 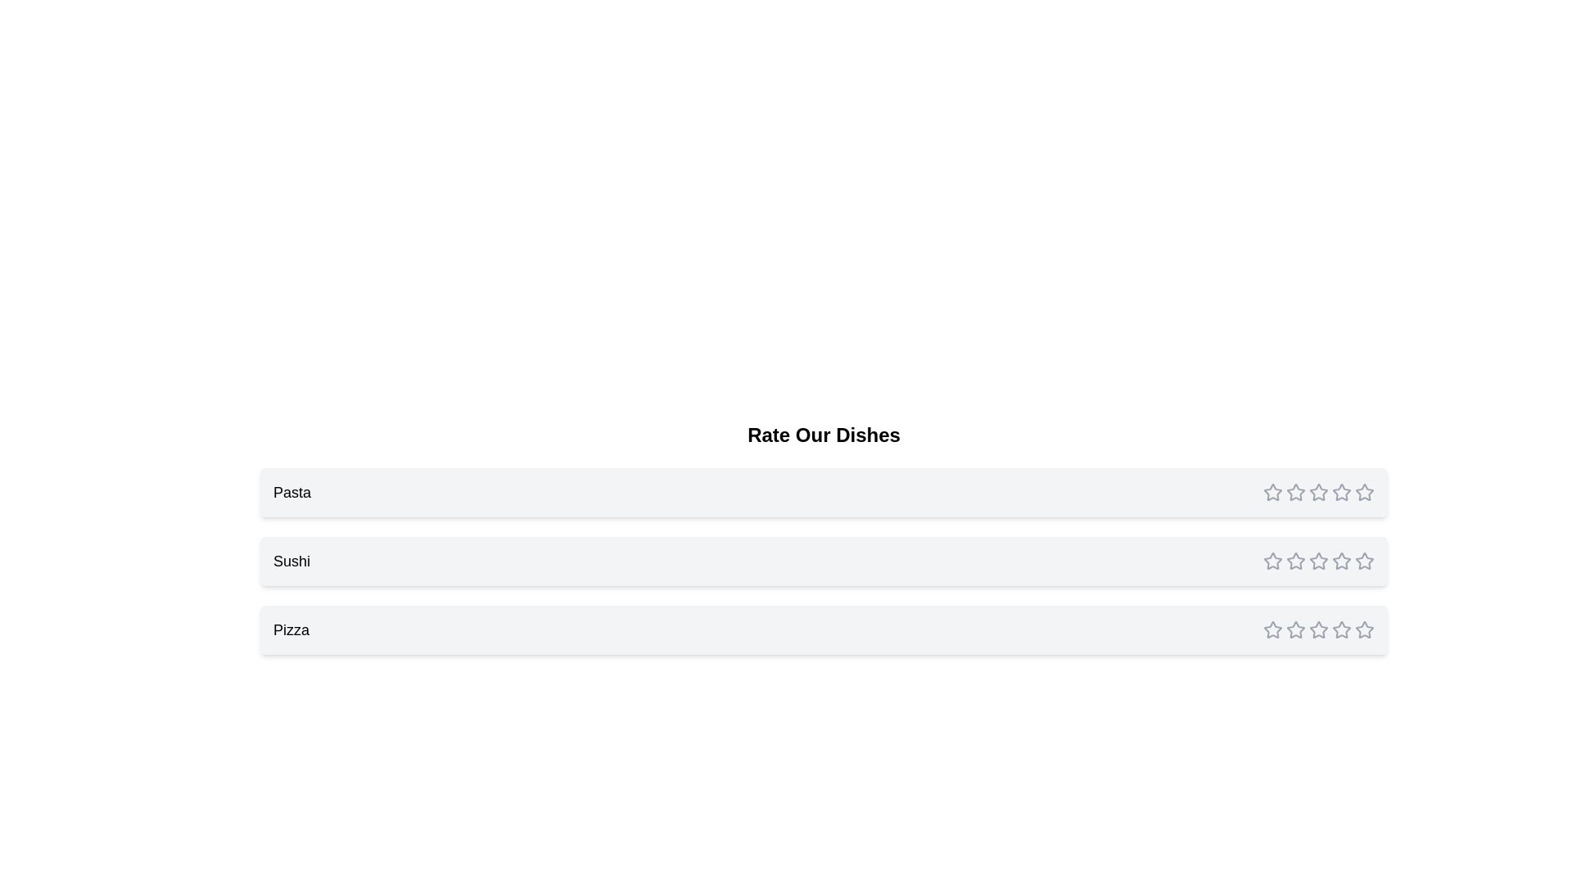 What do you see at coordinates (1319, 491) in the screenshot?
I see `the third star icon for ratings corresponding to the 'Pasta' item` at bounding box center [1319, 491].